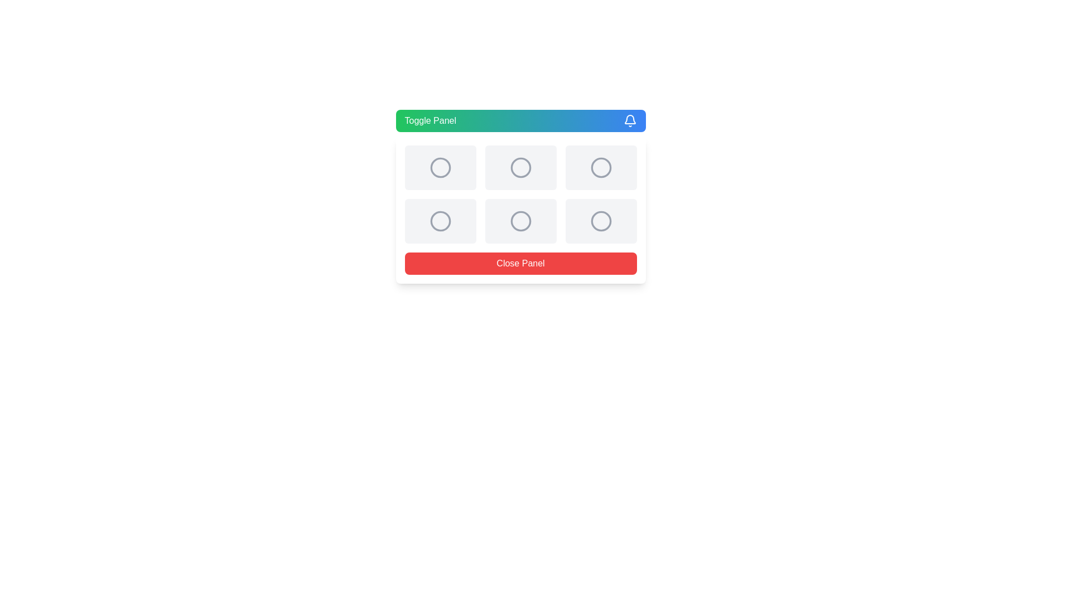 Image resolution: width=1071 pixels, height=602 pixels. Describe the element at coordinates (520, 221) in the screenshot. I see `the Circle graphic element located in the middle cell of the second row of the grid interface, which serves as a decorative or interactive component` at that location.